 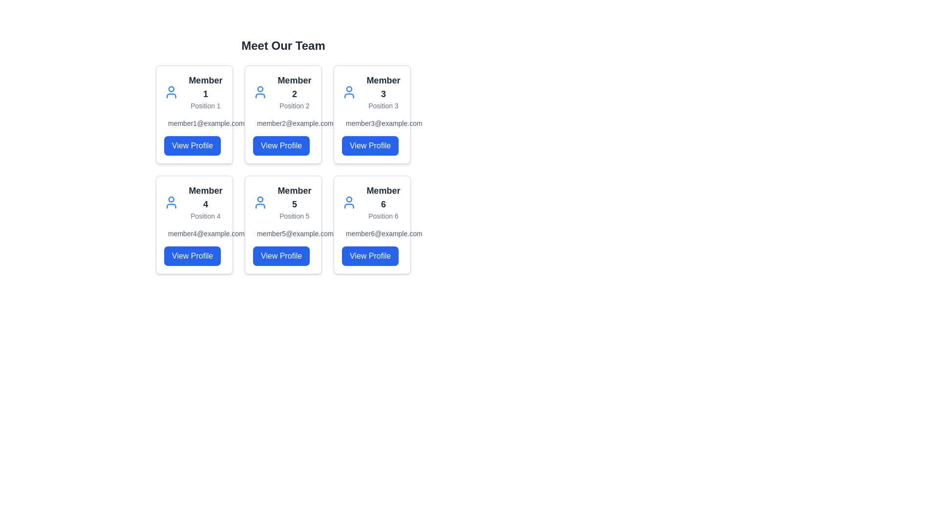 What do you see at coordinates (349, 202) in the screenshot?
I see `the user profile icon located in the second row, third column of the grid layout` at bounding box center [349, 202].